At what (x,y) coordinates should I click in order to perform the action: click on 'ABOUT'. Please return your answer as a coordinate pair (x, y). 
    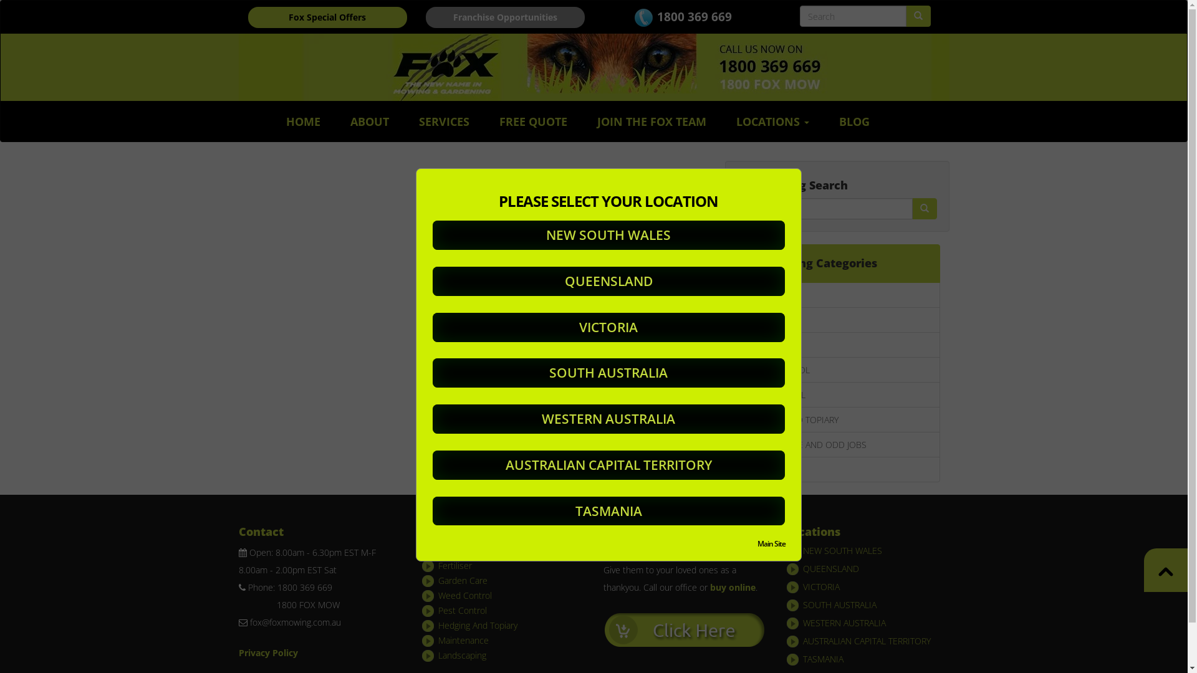
    Looking at the image, I should click on (369, 122).